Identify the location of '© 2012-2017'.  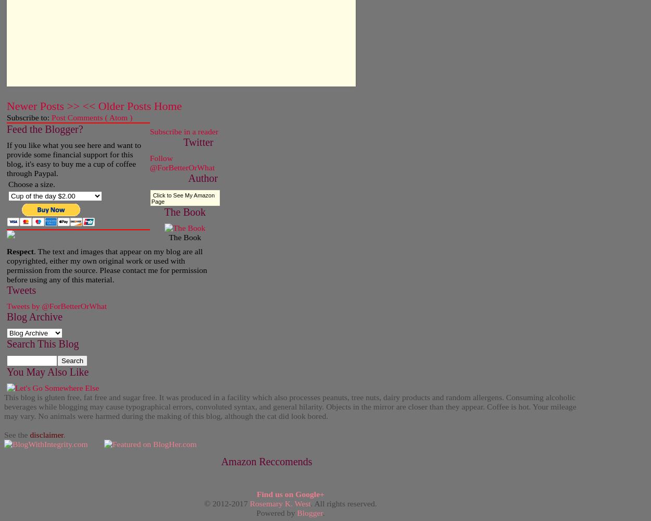
(204, 502).